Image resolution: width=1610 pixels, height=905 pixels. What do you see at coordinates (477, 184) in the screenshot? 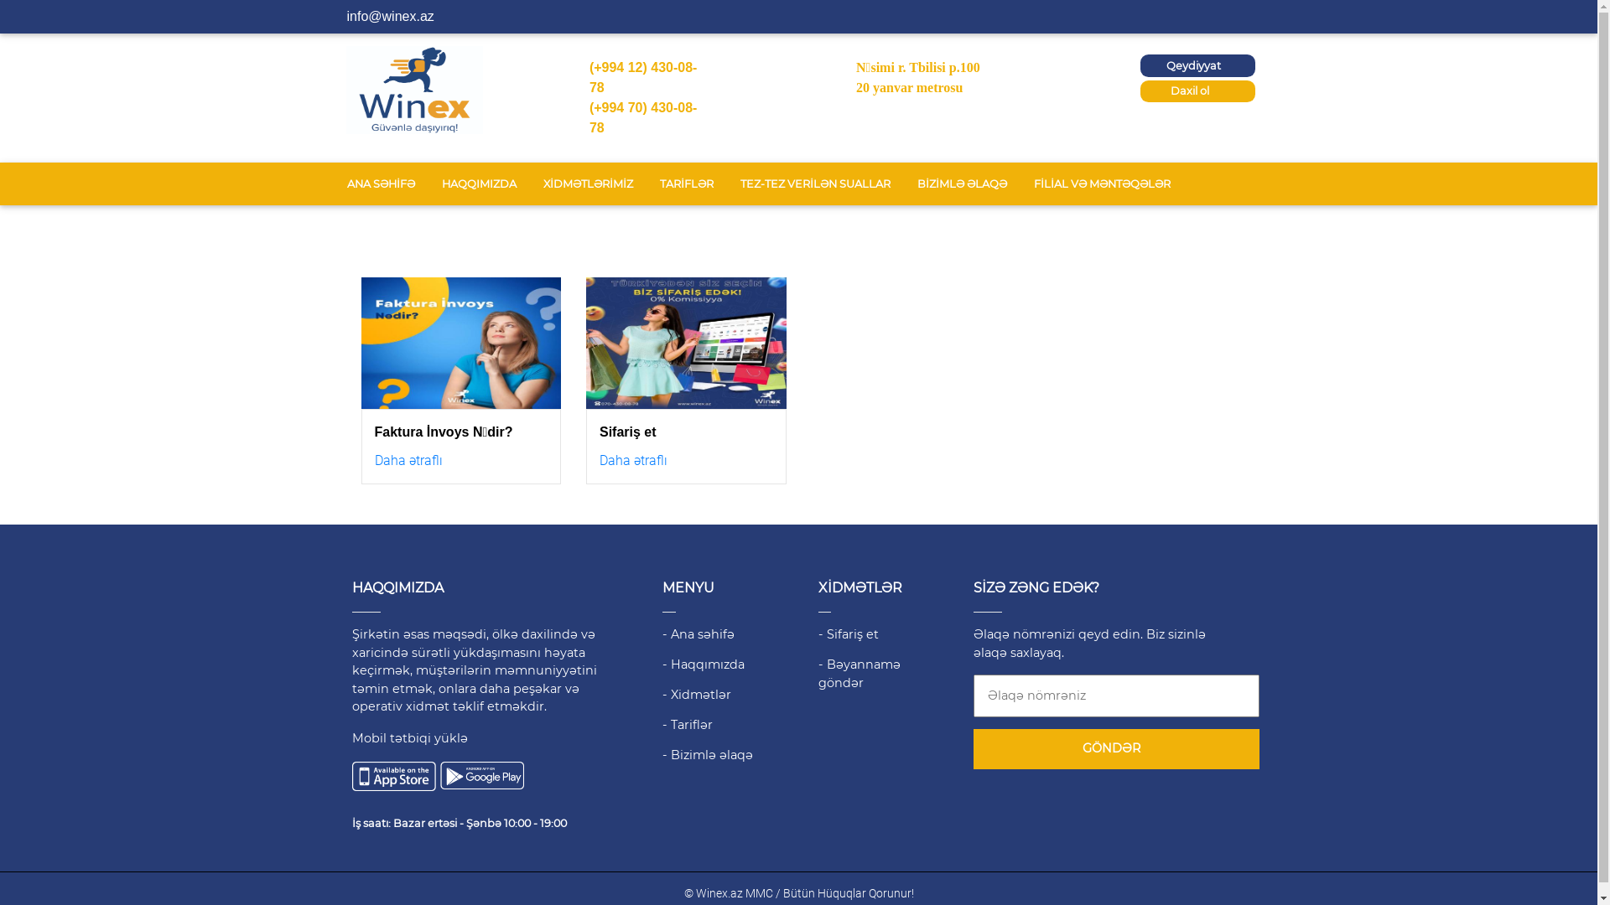
I see `'HAQQIMIZDA'` at bounding box center [477, 184].